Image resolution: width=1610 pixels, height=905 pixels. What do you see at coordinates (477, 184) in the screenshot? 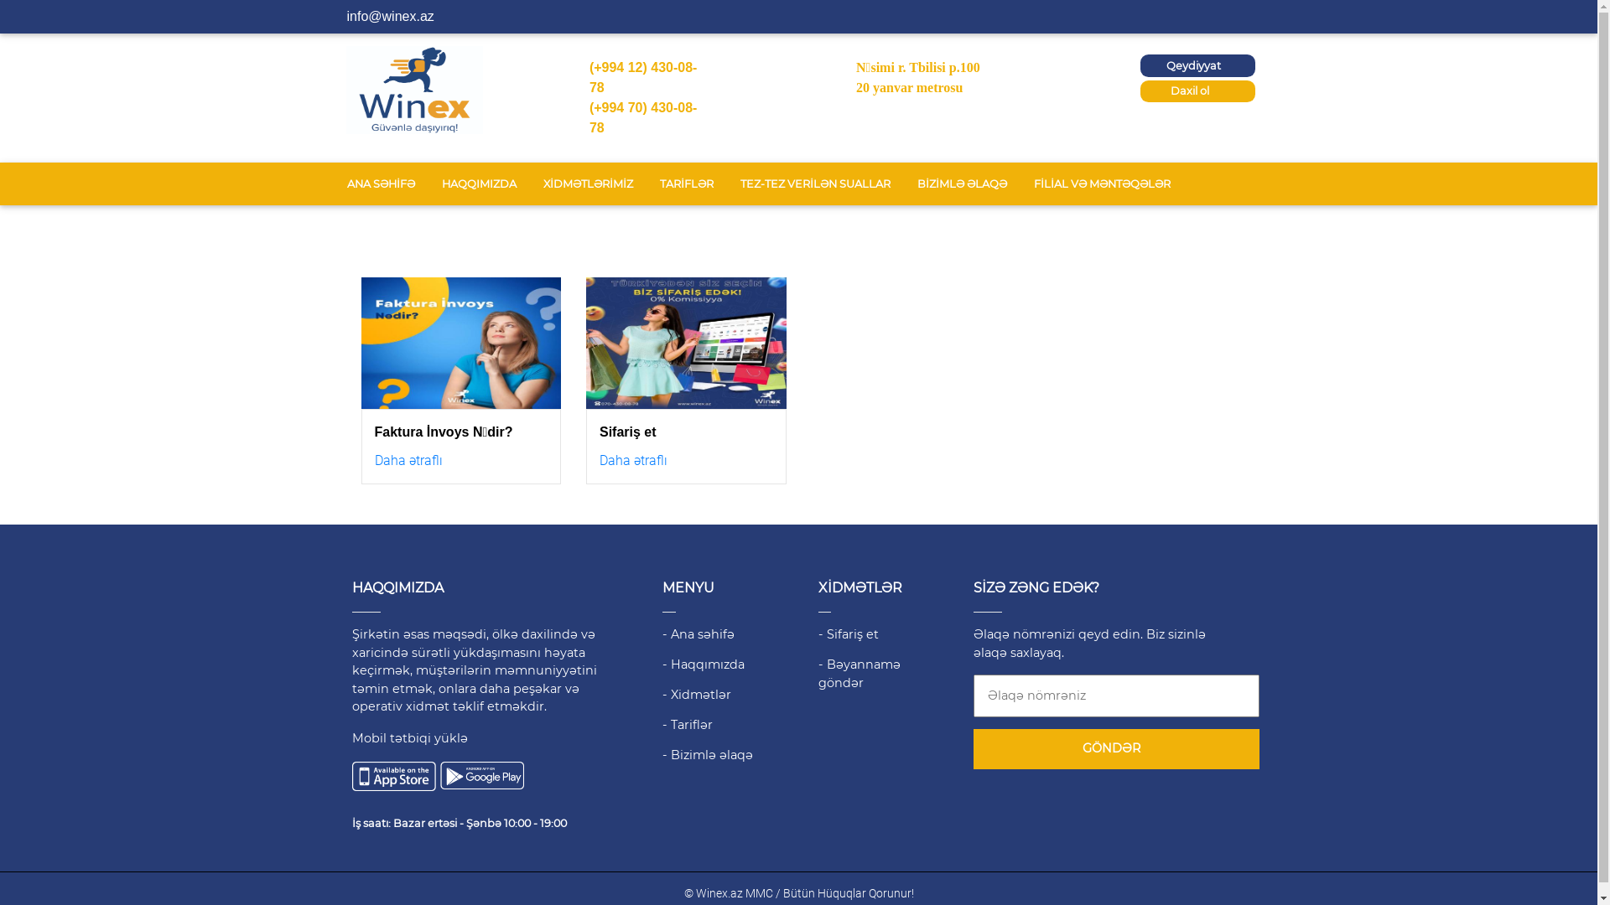
I see `'HAQQIMIZDA'` at bounding box center [477, 184].